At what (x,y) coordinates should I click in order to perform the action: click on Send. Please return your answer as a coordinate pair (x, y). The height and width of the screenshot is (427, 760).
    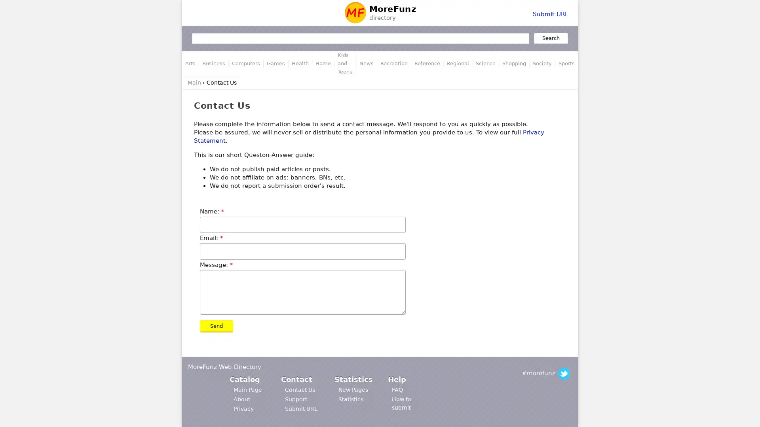
    Looking at the image, I should click on (216, 326).